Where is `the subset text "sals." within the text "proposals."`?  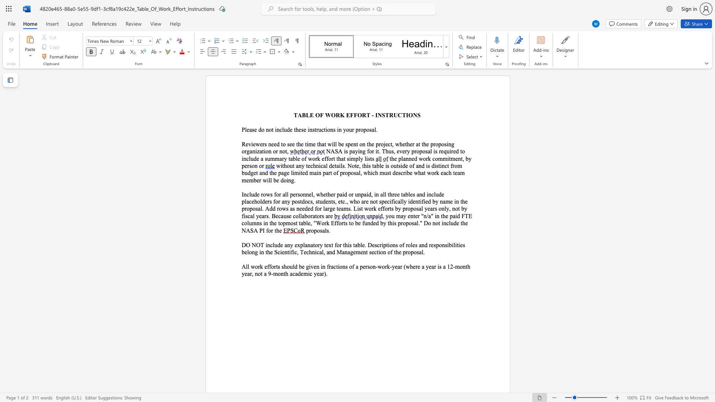
the subset text "sals." within the text "proposals." is located at coordinates (320, 230).